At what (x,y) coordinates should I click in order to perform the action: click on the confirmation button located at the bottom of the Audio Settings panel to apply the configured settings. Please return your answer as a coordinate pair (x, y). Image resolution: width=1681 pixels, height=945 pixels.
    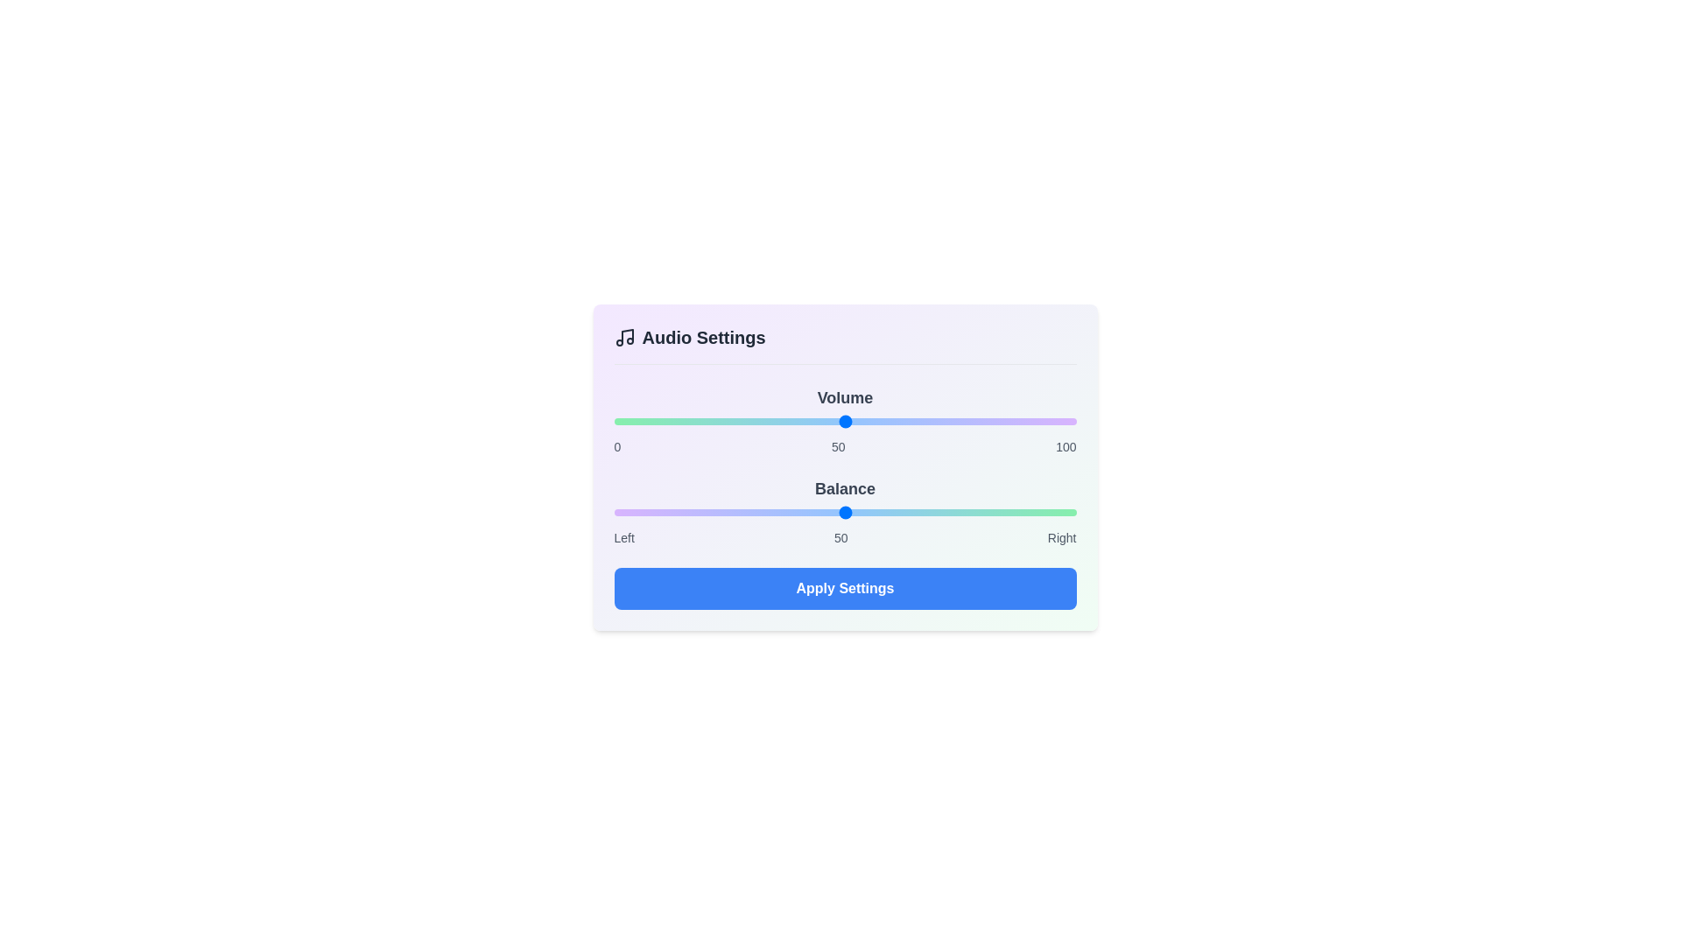
    Looking at the image, I should click on (845, 588).